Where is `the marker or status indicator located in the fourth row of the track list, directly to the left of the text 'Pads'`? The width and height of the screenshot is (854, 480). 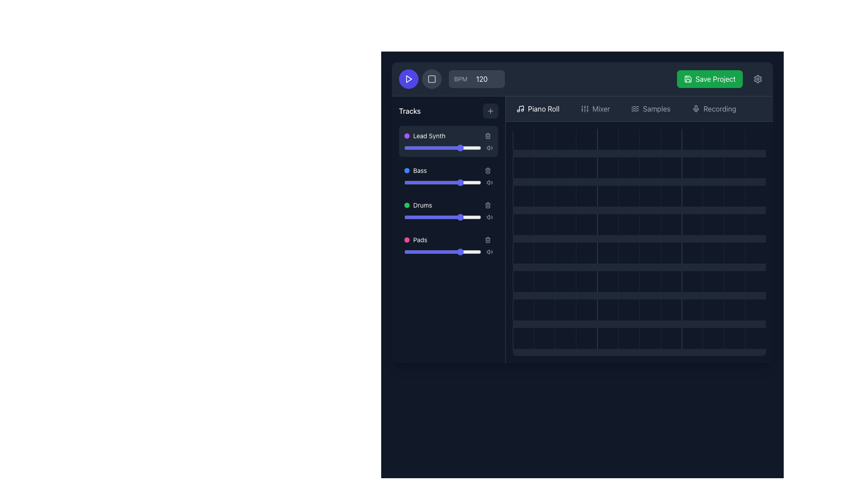 the marker or status indicator located in the fourth row of the track list, directly to the left of the text 'Pads' is located at coordinates (407, 240).